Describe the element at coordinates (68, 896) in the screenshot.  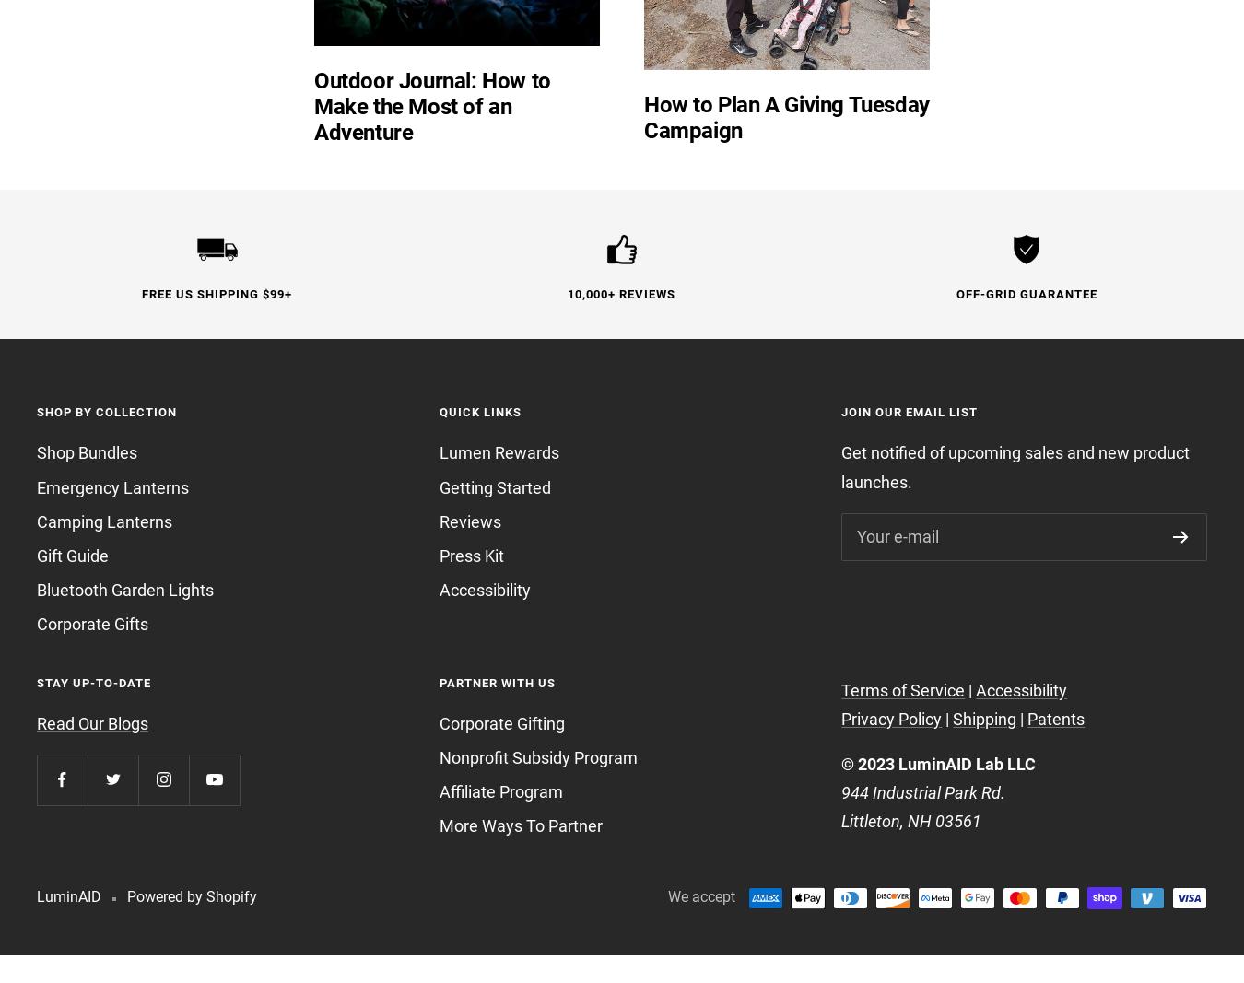
I see `'LuminAID'` at that location.